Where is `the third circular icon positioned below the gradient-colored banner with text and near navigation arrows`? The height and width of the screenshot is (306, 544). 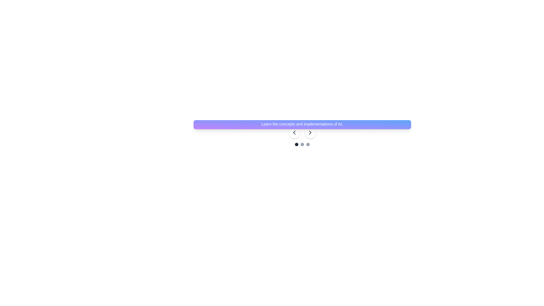 the third circular icon positioned below the gradient-colored banner with text and near navigation arrows is located at coordinates (307, 144).